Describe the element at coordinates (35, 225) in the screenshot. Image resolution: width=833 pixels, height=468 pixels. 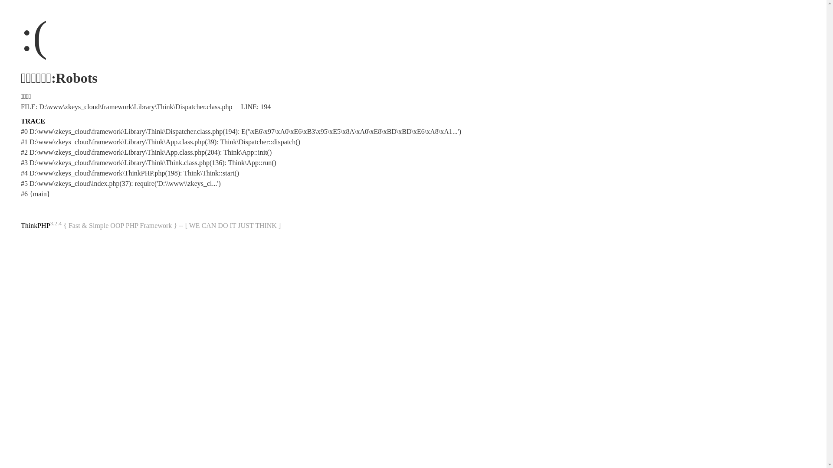
I see `'ThinkPHP'` at that location.